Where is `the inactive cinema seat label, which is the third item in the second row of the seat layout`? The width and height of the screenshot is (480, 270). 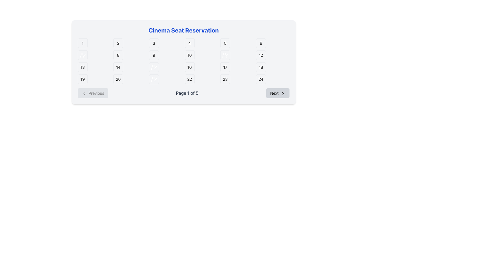 the inactive cinema seat label, which is the third item in the second row of the seat layout is located at coordinates (153, 55).